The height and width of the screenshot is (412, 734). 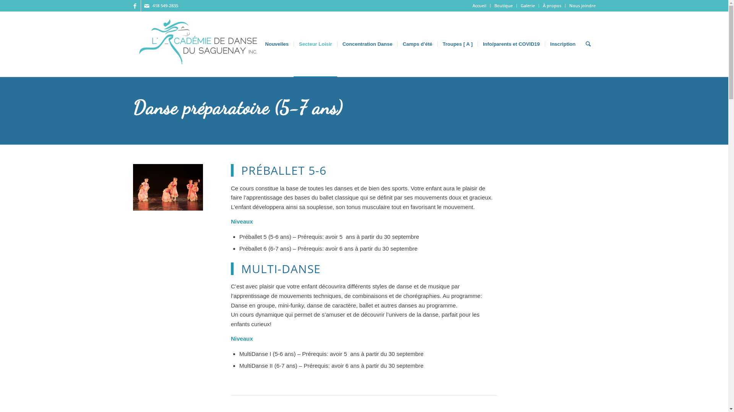 What do you see at coordinates (135, 6) in the screenshot?
I see `'Facebook'` at bounding box center [135, 6].